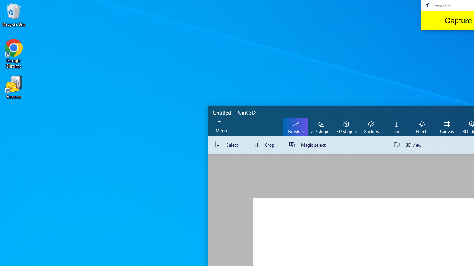  I want to click on '3D shapes', so click(346, 126).